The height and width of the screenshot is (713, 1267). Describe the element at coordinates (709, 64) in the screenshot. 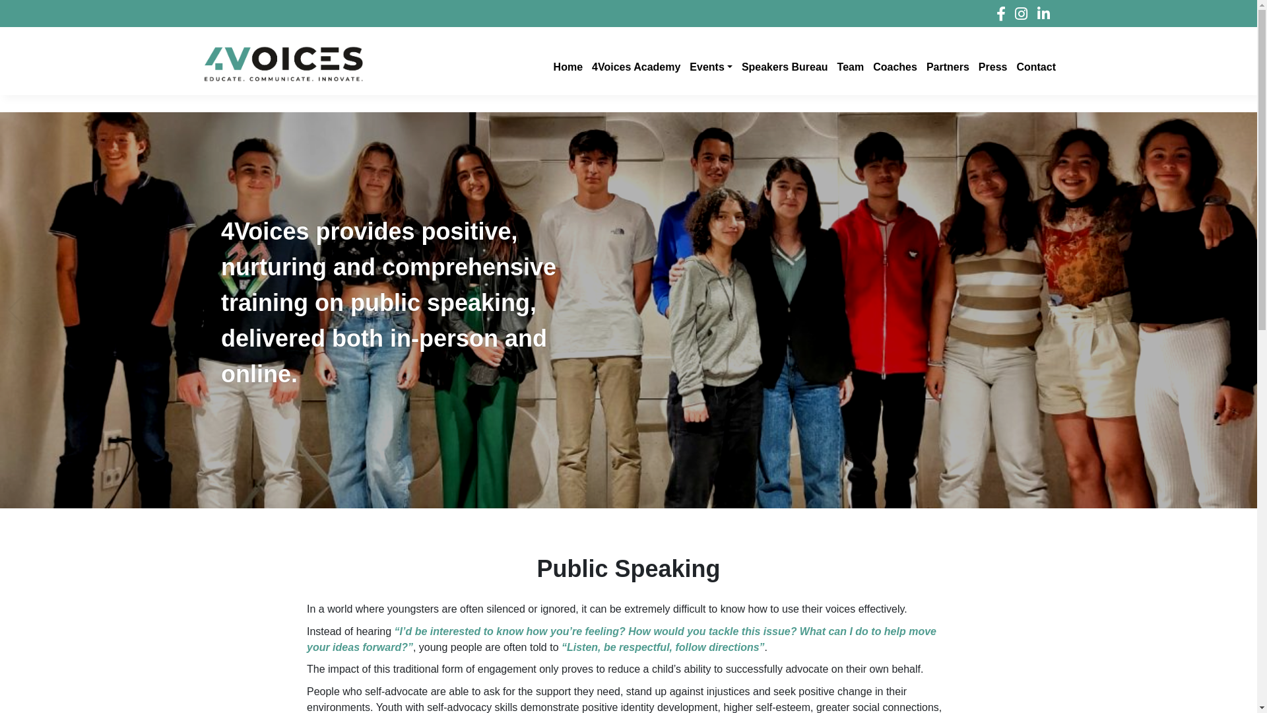

I see `'Events'` at that location.